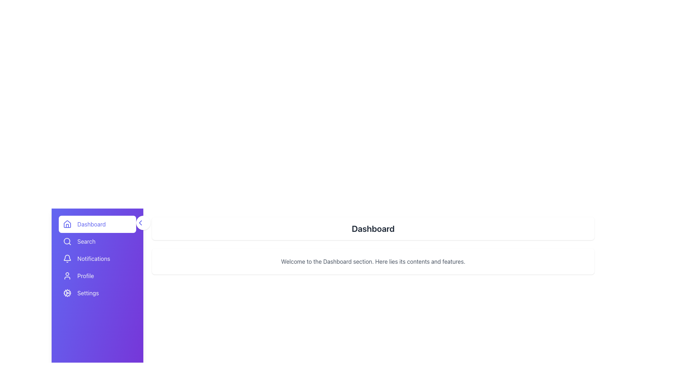 The height and width of the screenshot is (387, 688). I want to click on the text label that reads 'Profile' in the sidebar menu, which is styled with white text on a purple background and located between 'Notifications' and 'Settings', so click(86, 276).